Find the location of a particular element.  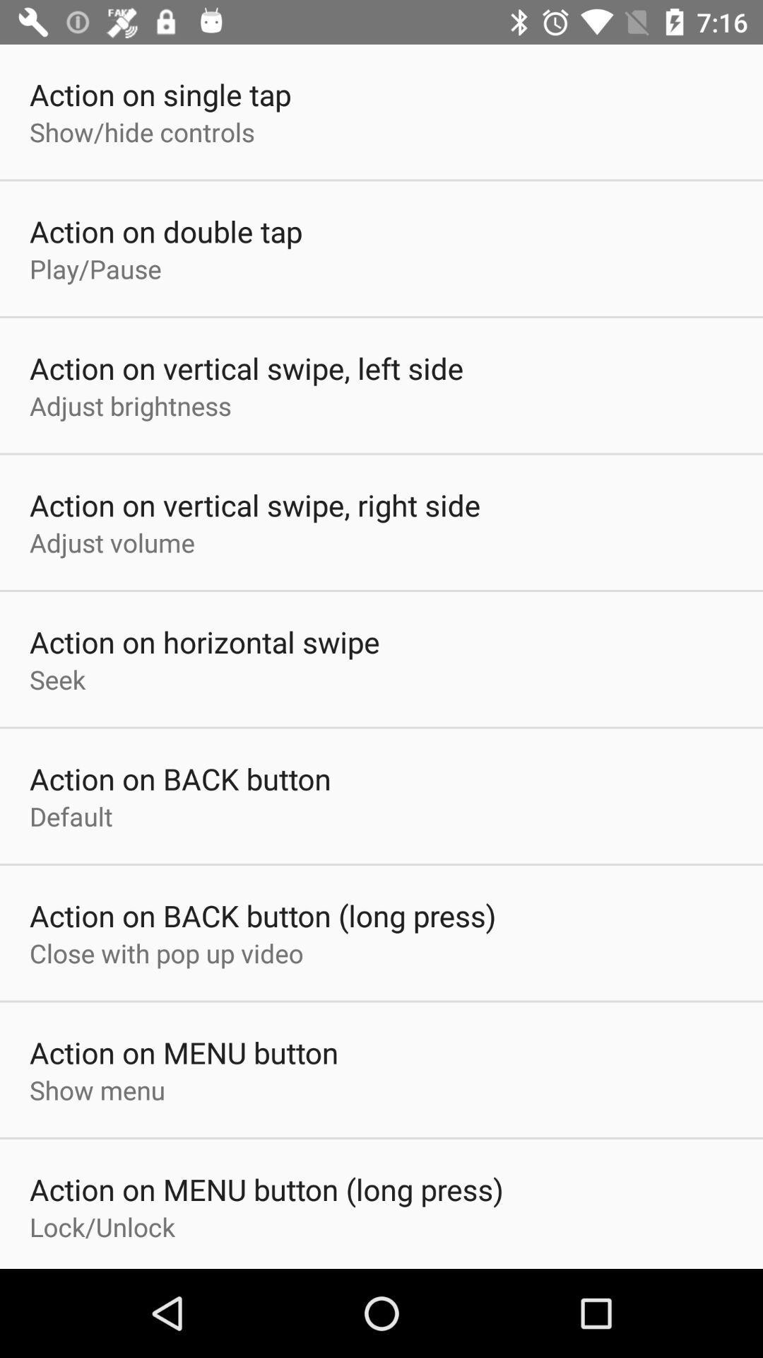

seek app is located at coordinates (57, 679).